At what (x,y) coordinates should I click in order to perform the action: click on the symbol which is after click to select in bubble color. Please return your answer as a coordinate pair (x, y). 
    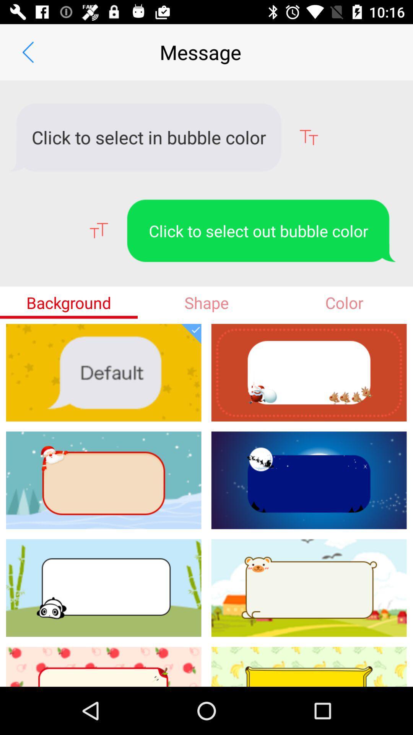
    Looking at the image, I should click on (308, 137).